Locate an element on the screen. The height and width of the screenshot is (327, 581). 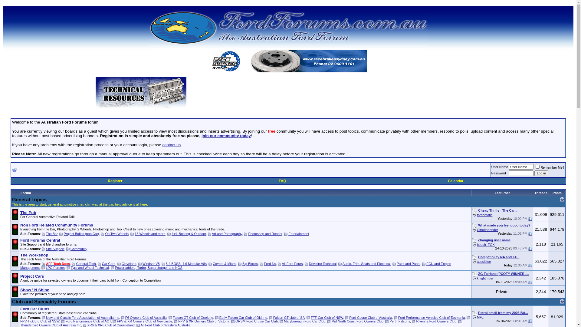
'fordomatic' is located at coordinates (484, 214).